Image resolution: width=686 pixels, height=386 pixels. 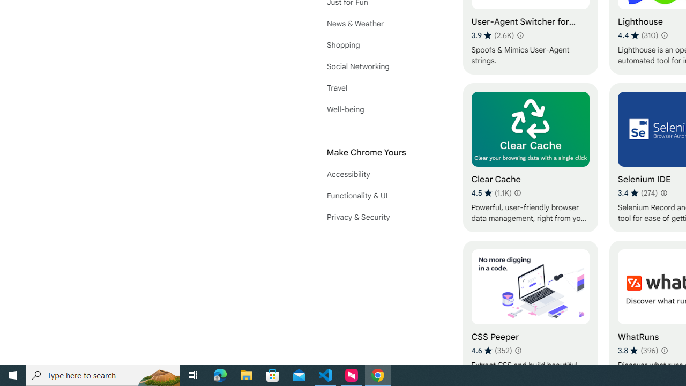 I want to click on 'Average rating 3.9 out of 5 stars. 2.6K ratings.', so click(x=492, y=35).